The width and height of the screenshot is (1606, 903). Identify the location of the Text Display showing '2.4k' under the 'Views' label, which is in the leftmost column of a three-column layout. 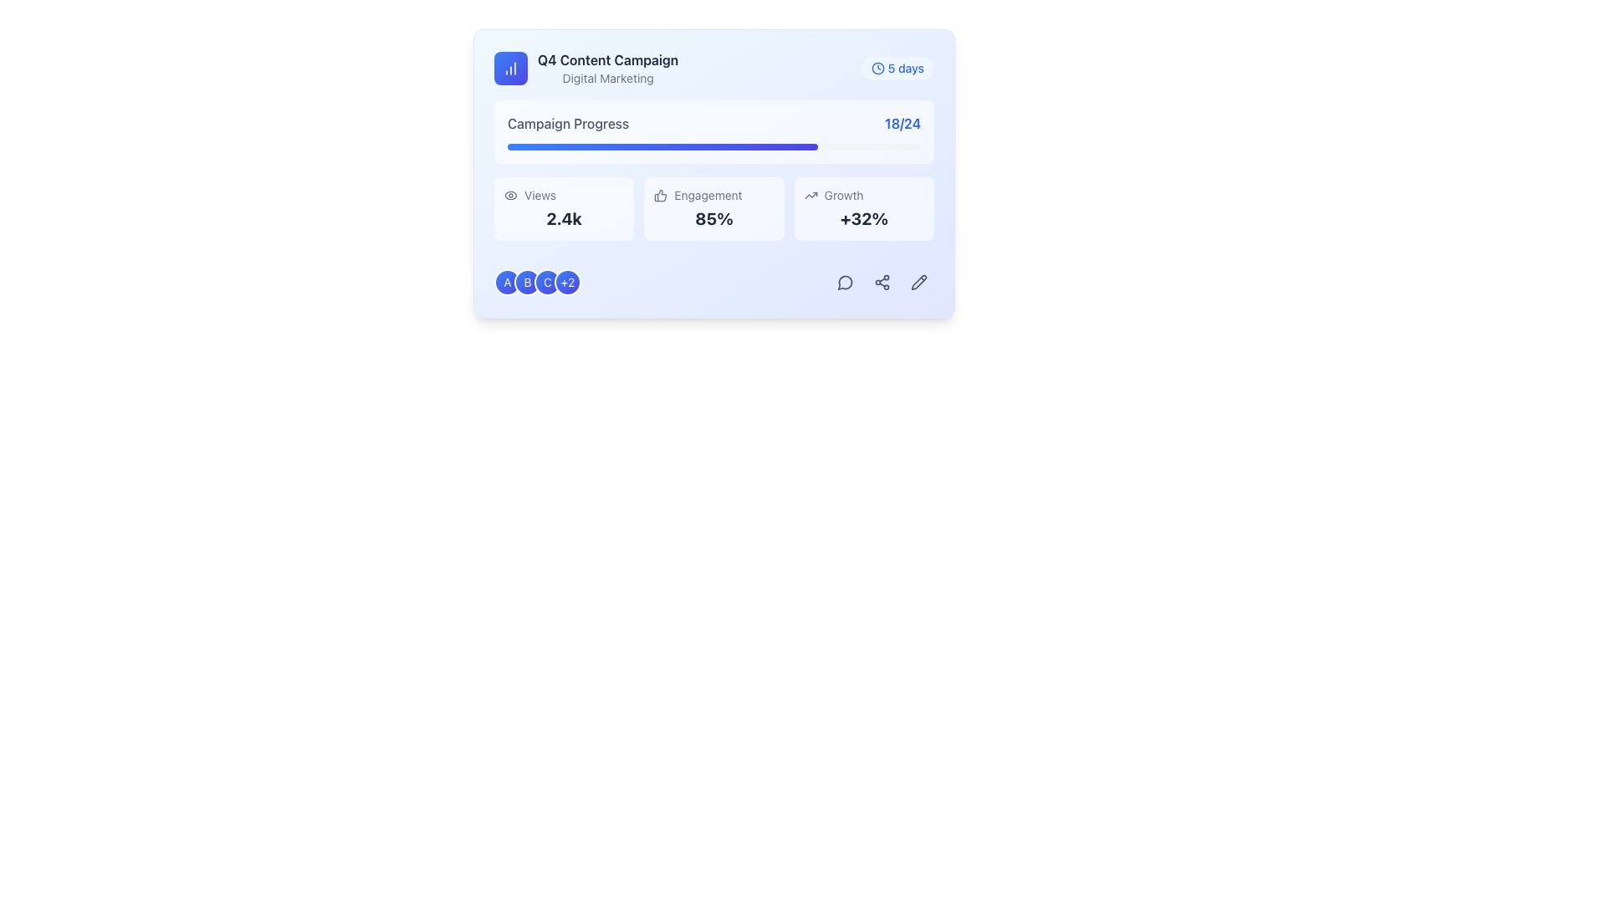
(564, 217).